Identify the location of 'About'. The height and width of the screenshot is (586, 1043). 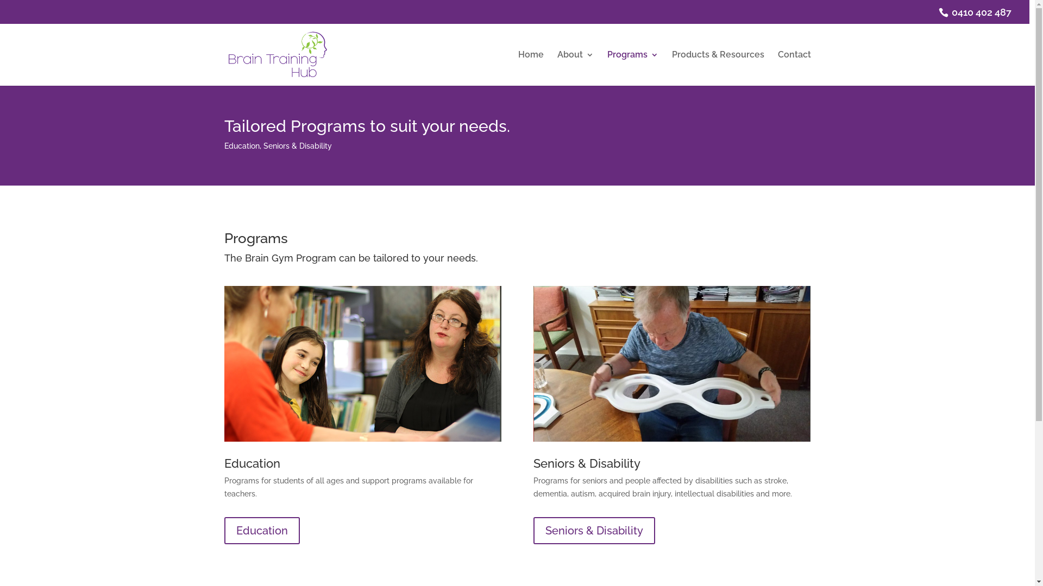
(575, 68).